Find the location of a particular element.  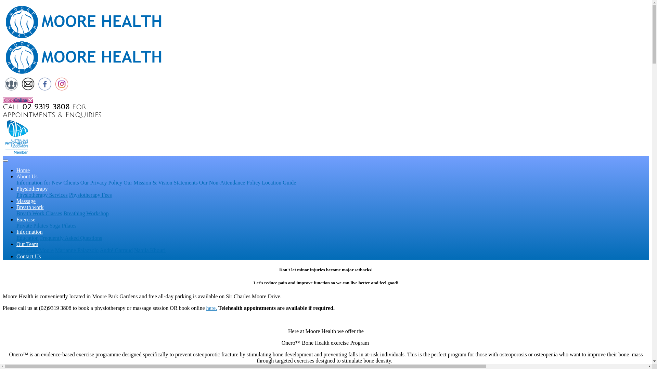

'Breath work' is located at coordinates (29, 207).